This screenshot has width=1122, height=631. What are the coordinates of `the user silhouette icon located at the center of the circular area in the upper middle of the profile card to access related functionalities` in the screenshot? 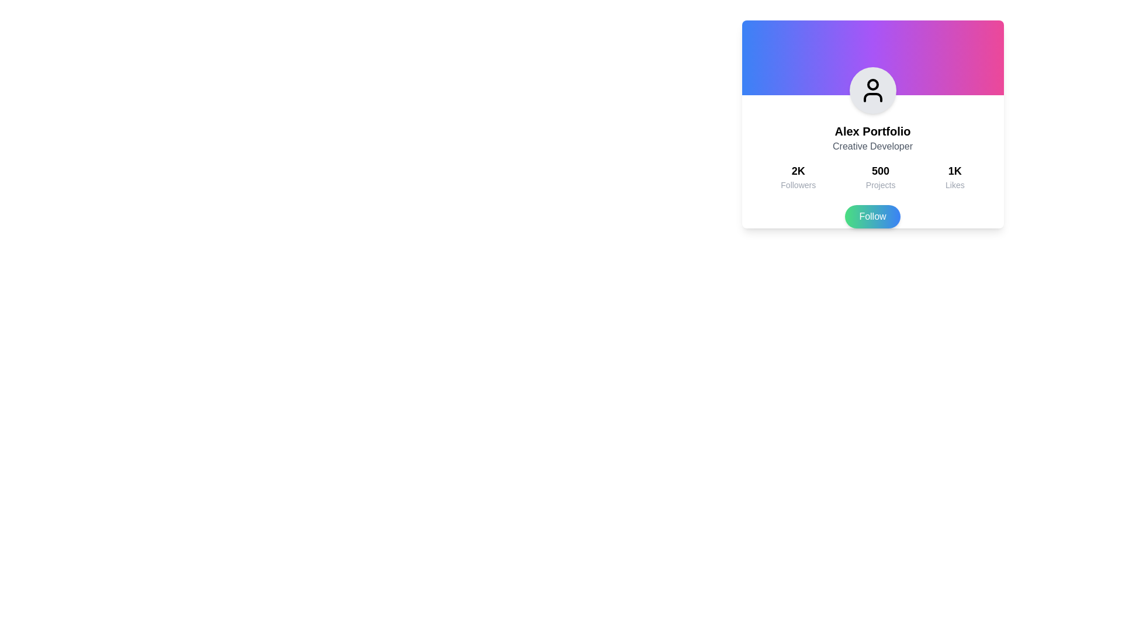 It's located at (872, 89).